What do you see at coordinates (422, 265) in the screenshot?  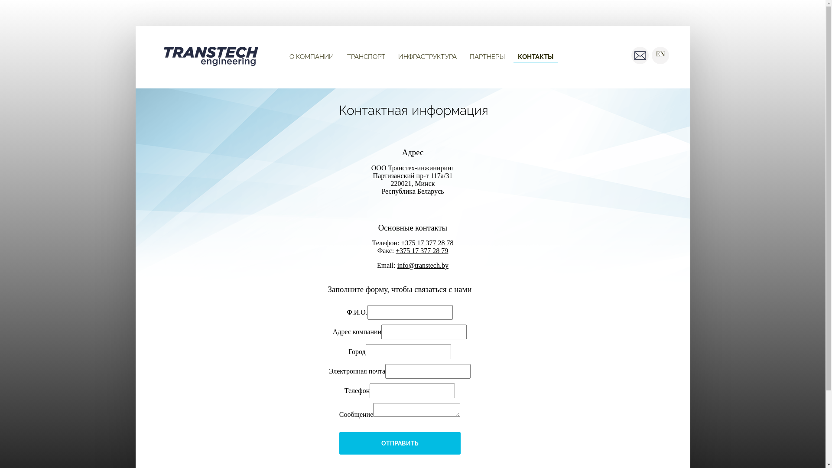 I see `'info@transtech.by'` at bounding box center [422, 265].